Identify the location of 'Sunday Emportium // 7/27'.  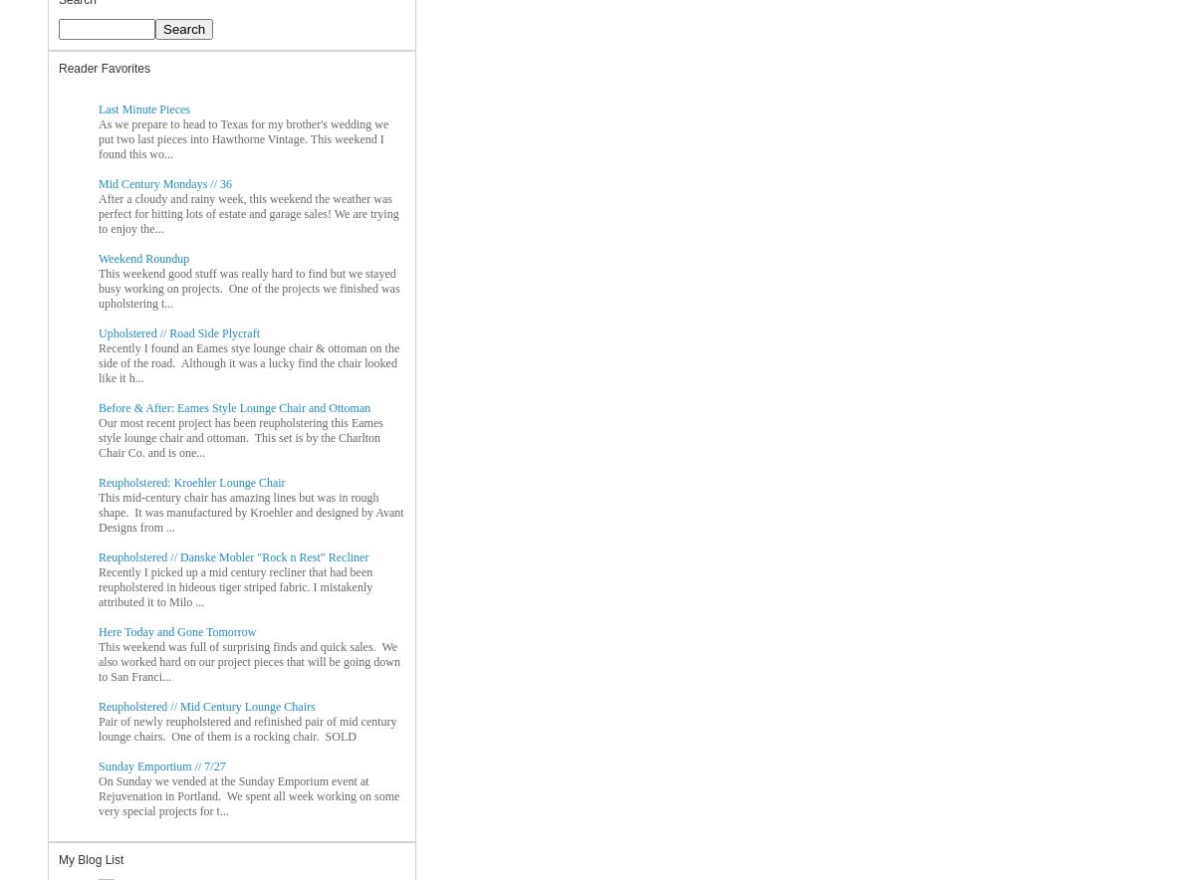
(161, 765).